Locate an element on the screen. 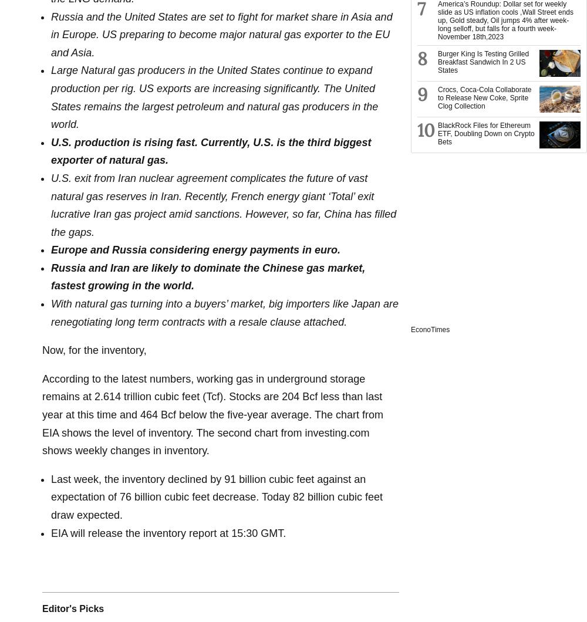 The height and width of the screenshot is (622, 587). '8' is located at coordinates (417, 58).